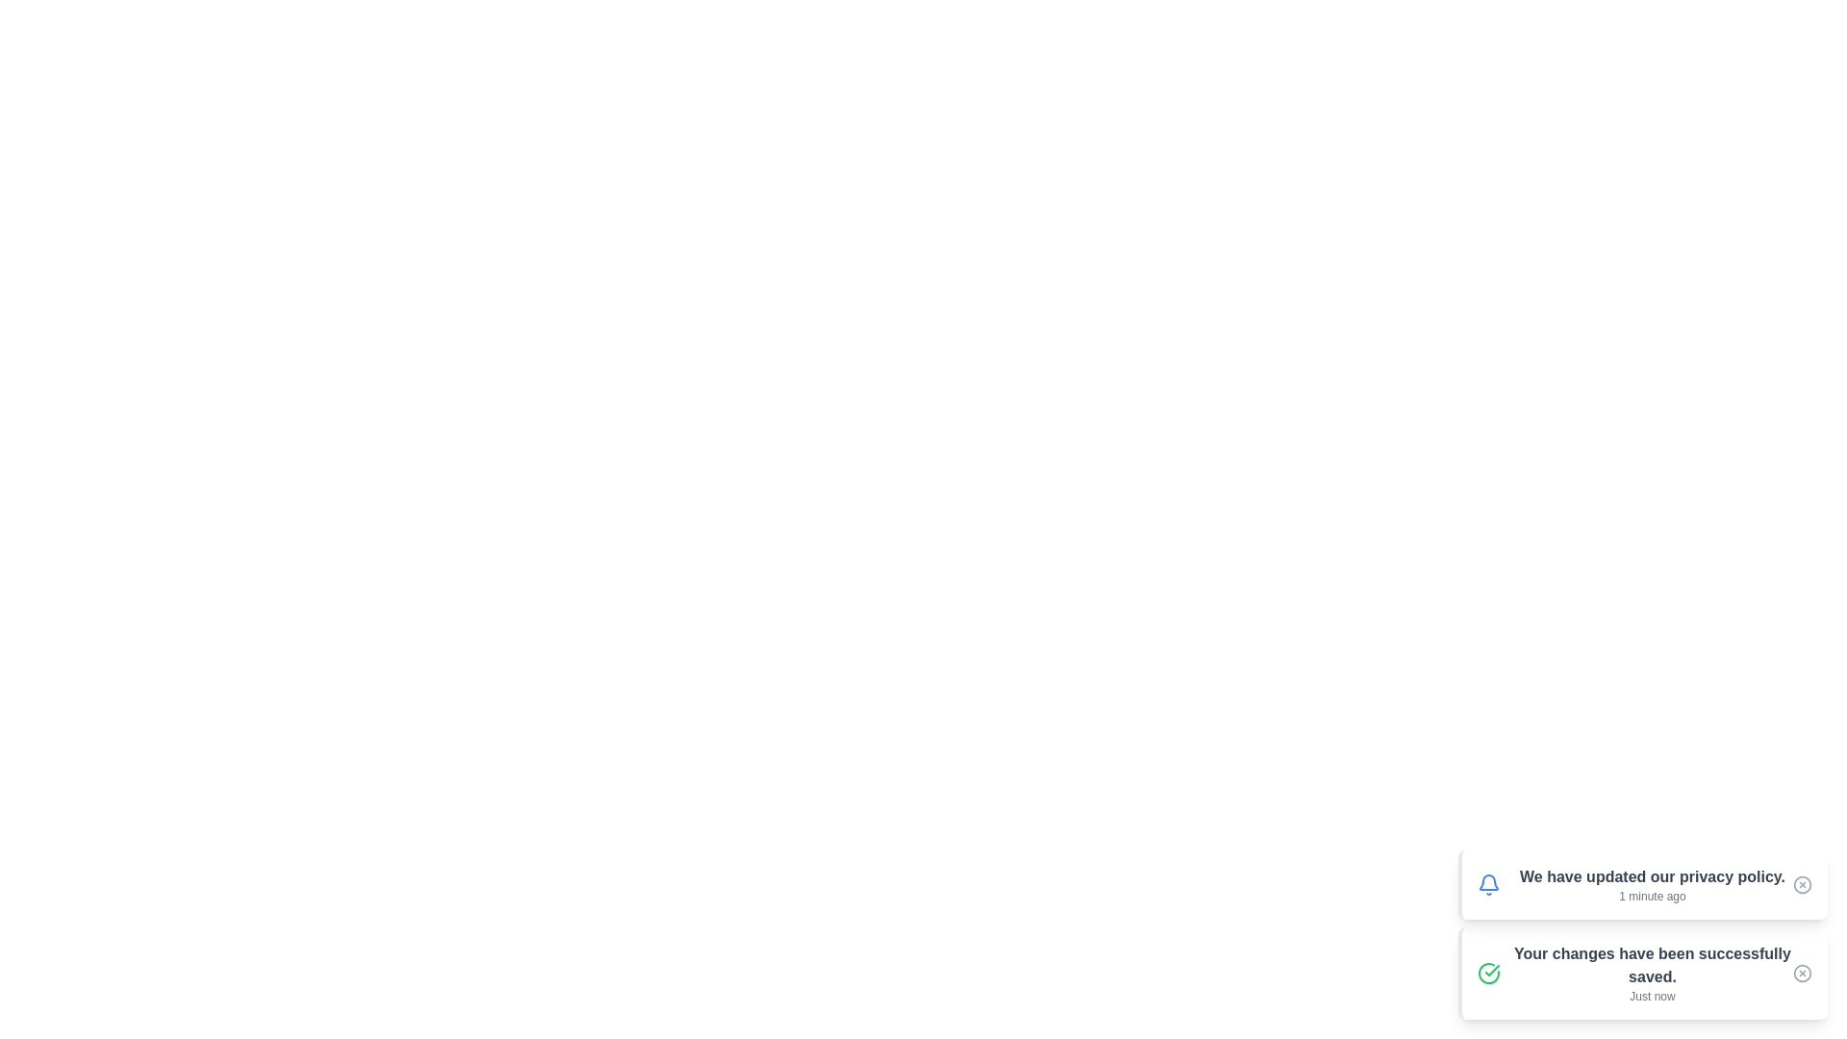 Image resolution: width=1847 pixels, height=1039 pixels. What do you see at coordinates (1642, 973) in the screenshot?
I see `the notification with content 'Your changes have been successfully saved.'` at bounding box center [1642, 973].